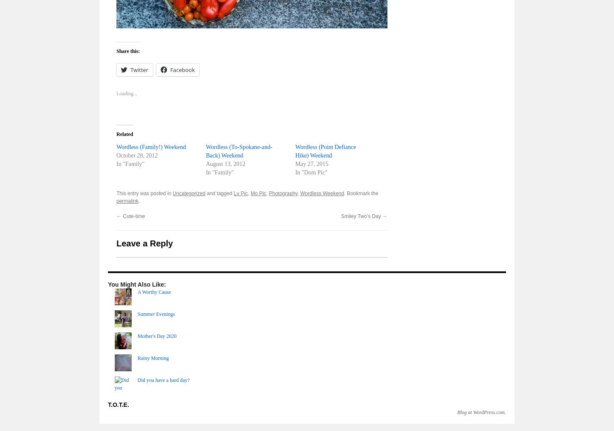 This screenshot has width=614, height=431. I want to click on 'and tagged', so click(219, 193).